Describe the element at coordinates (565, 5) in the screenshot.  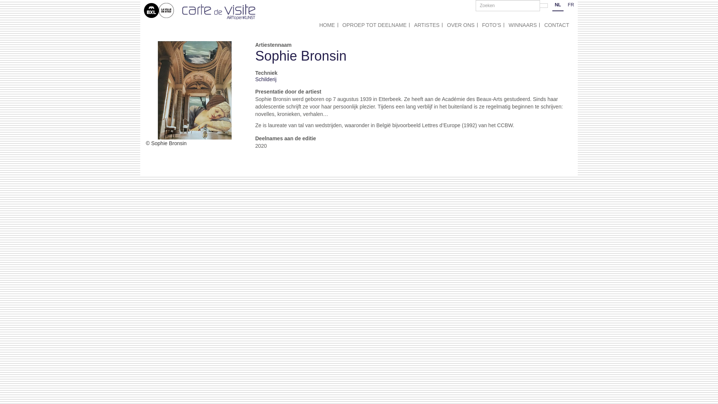
I see `'FR'` at that location.